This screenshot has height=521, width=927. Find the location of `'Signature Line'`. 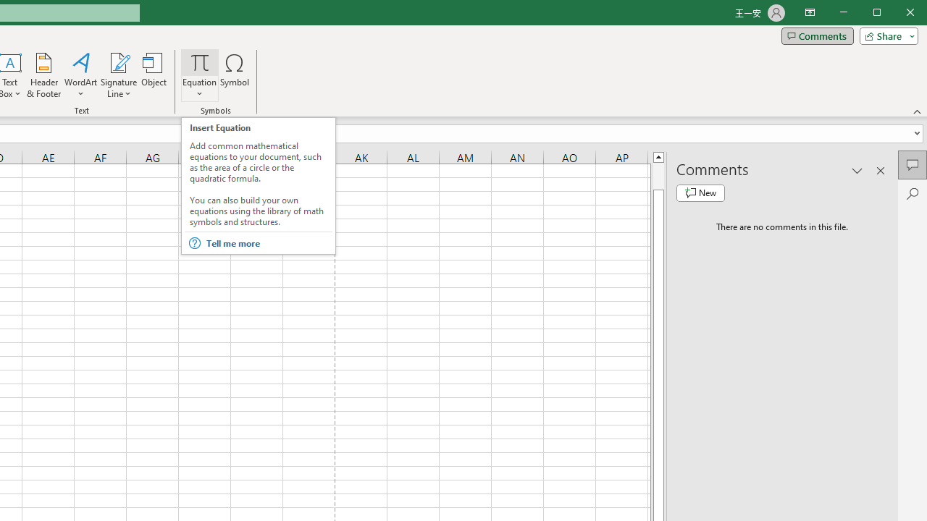

'Signature Line' is located at coordinates (119, 62).